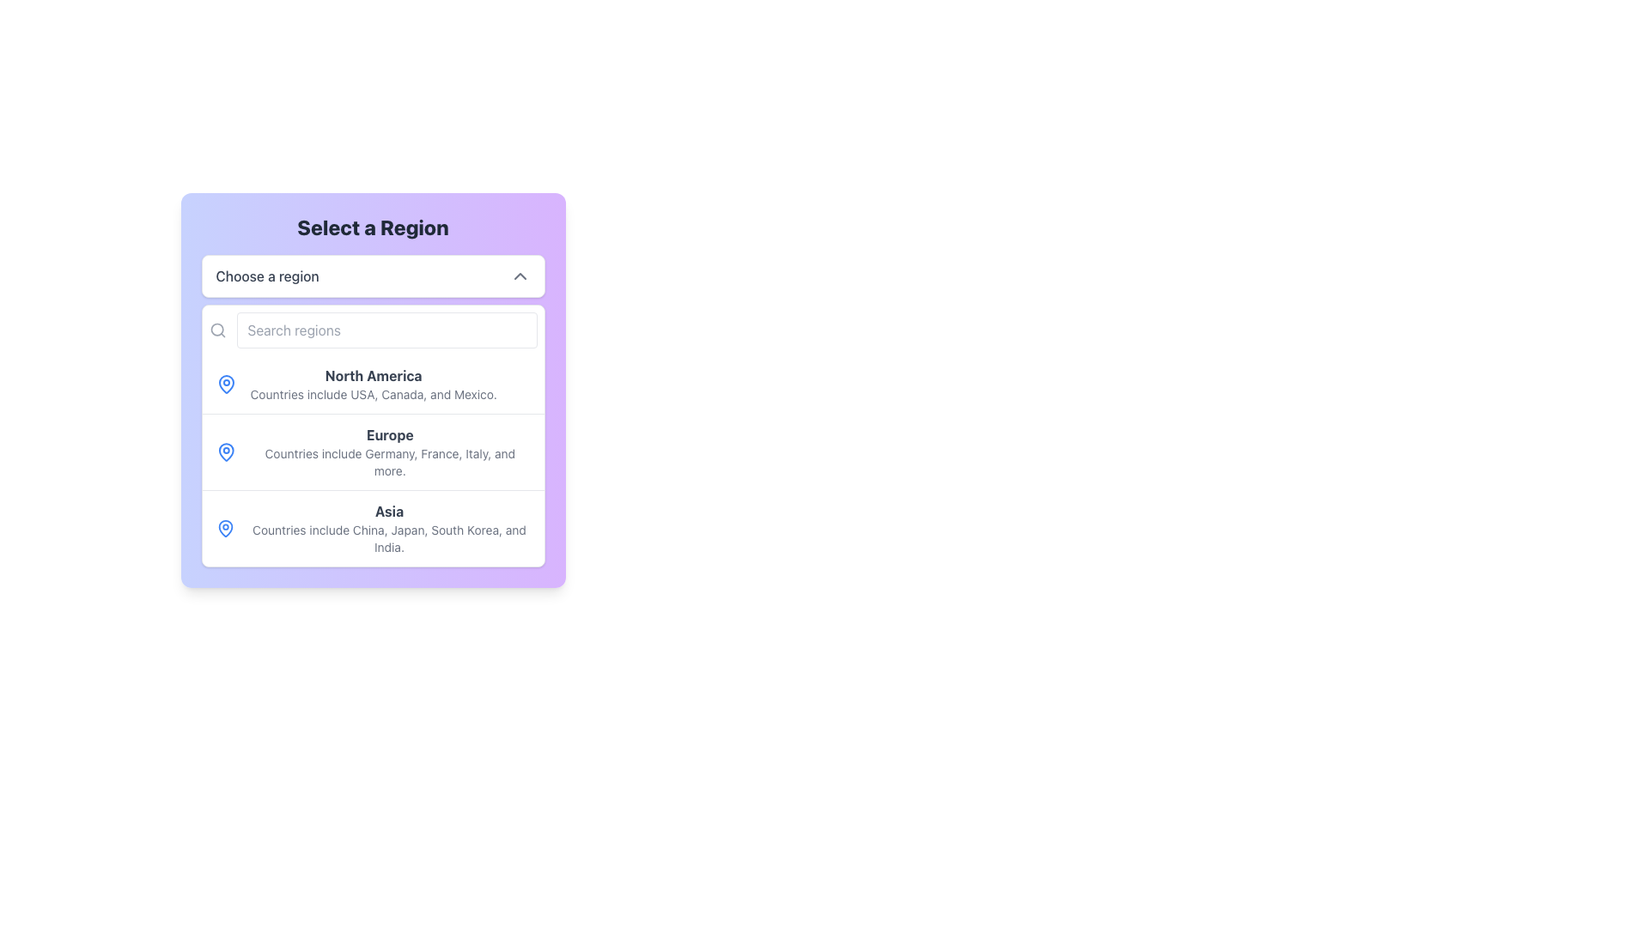 This screenshot has width=1649, height=927. Describe the element at coordinates (372, 459) in the screenshot. I see `the second item in the dropdown list displaying information about the 'Europe' region, positioned between 'North America' and 'Asia'` at that location.